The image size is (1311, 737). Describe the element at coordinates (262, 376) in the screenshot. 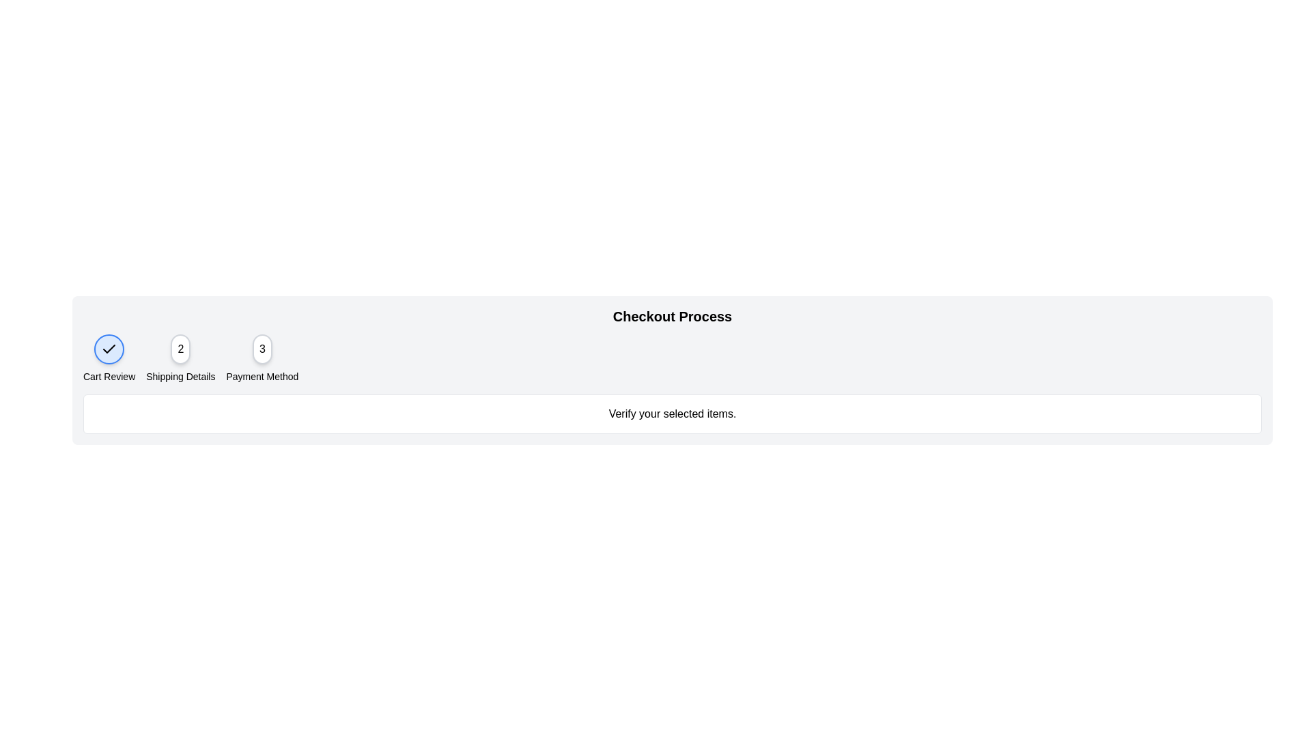

I see `the 'Payment Method' text label, which is displayed in a small font size below the circled number '3', indicating its association with the third step in a minimalistic checkout interface` at that location.